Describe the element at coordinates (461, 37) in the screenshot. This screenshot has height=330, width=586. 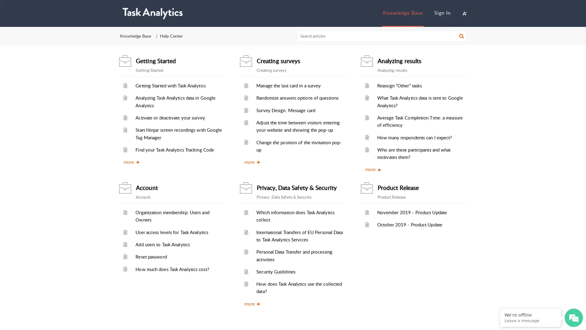
I see `search` at that location.